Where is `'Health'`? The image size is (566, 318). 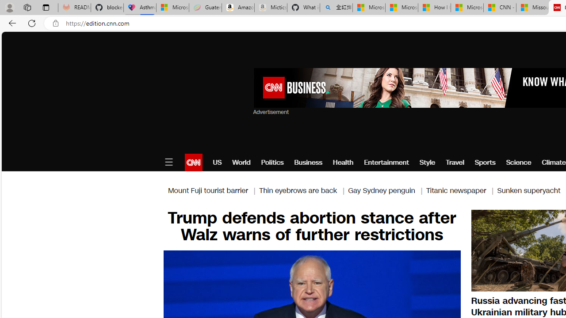 'Health' is located at coordinates (343, 162).